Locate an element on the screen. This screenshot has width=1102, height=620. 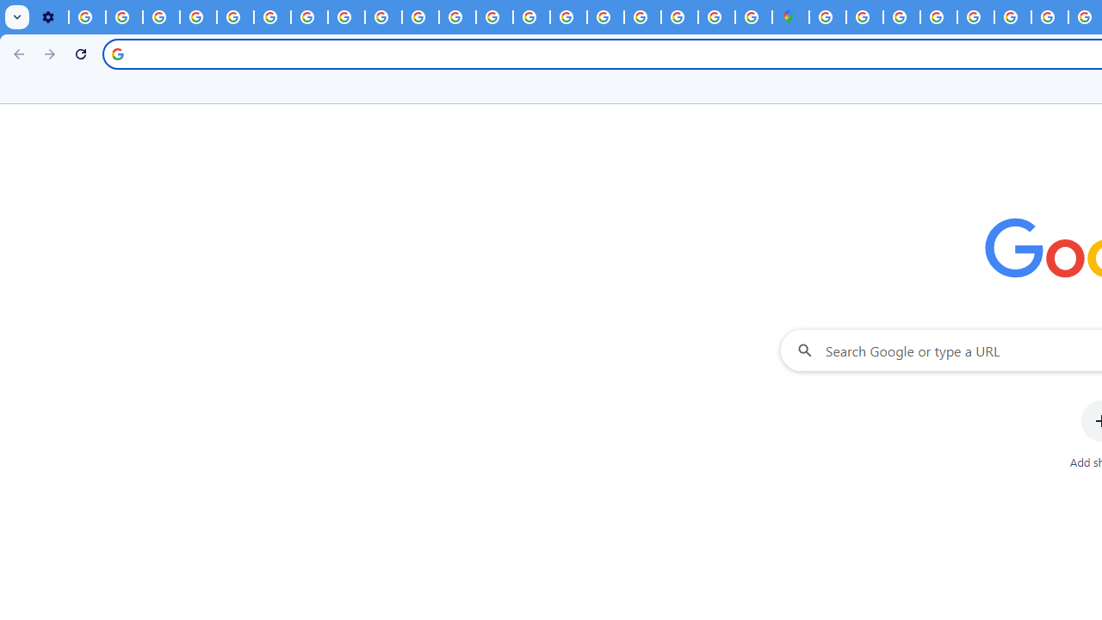
'Privacy Help Center - Policies Help' is located at coordinates (493, 17).